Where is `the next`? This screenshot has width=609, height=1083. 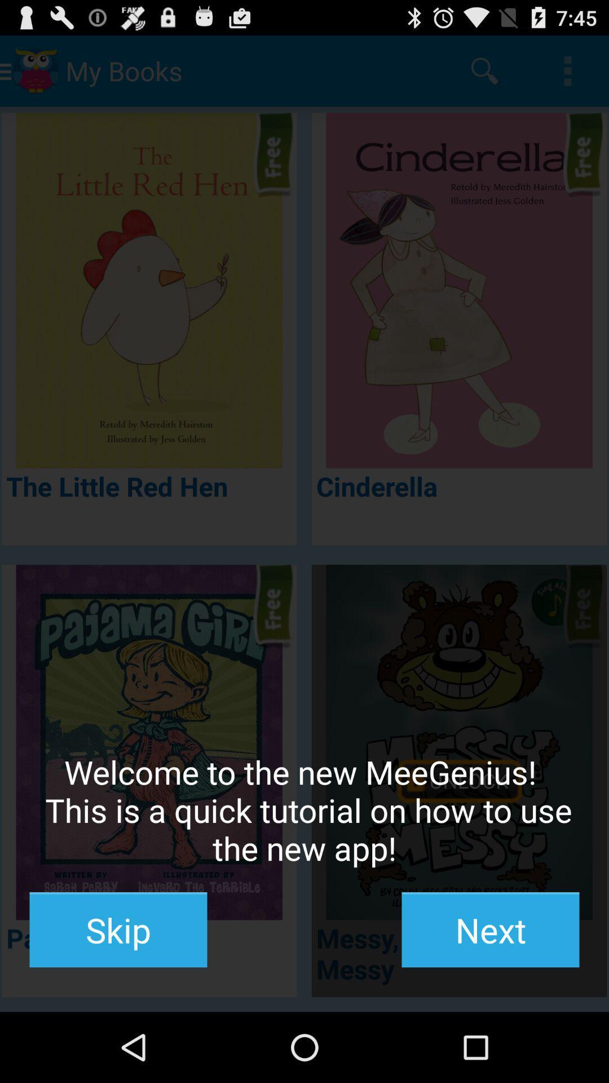 the next is located at coordinates (490, 930).